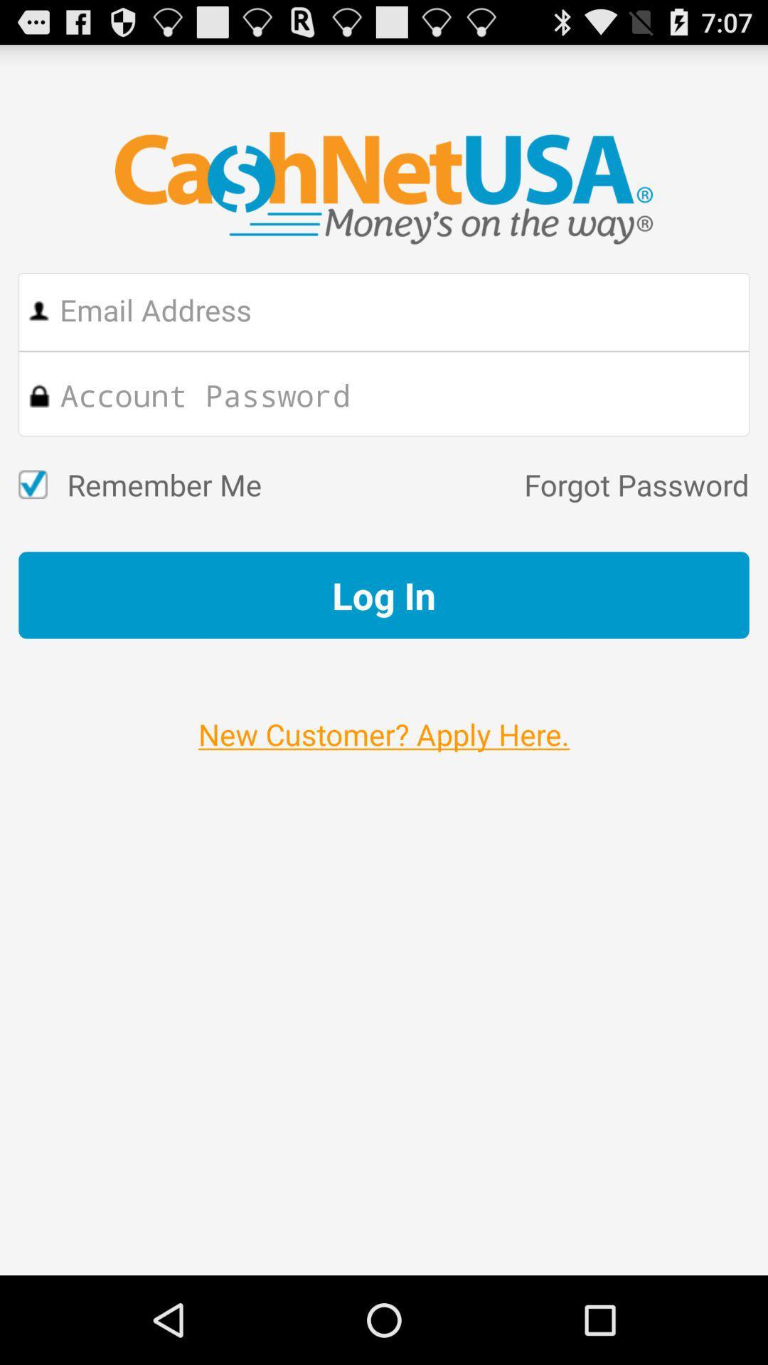 This screenshot has height=1365, width=768. What do you see at coordinates (504, 484) in the screenshot?
I see `the icon next to remember me` at bounding box center [504, 484].